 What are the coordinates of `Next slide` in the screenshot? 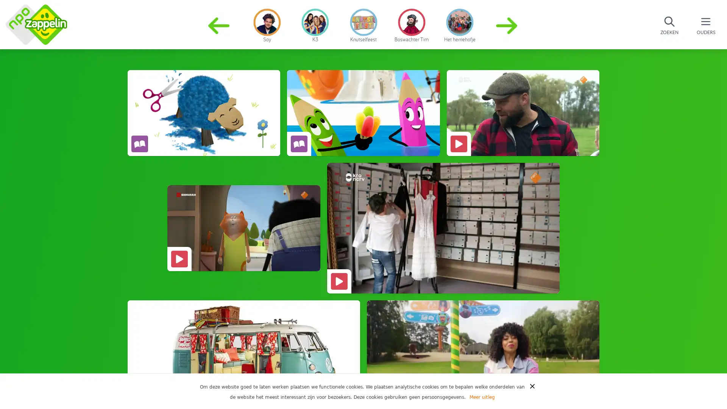 It's located at (507, 25).